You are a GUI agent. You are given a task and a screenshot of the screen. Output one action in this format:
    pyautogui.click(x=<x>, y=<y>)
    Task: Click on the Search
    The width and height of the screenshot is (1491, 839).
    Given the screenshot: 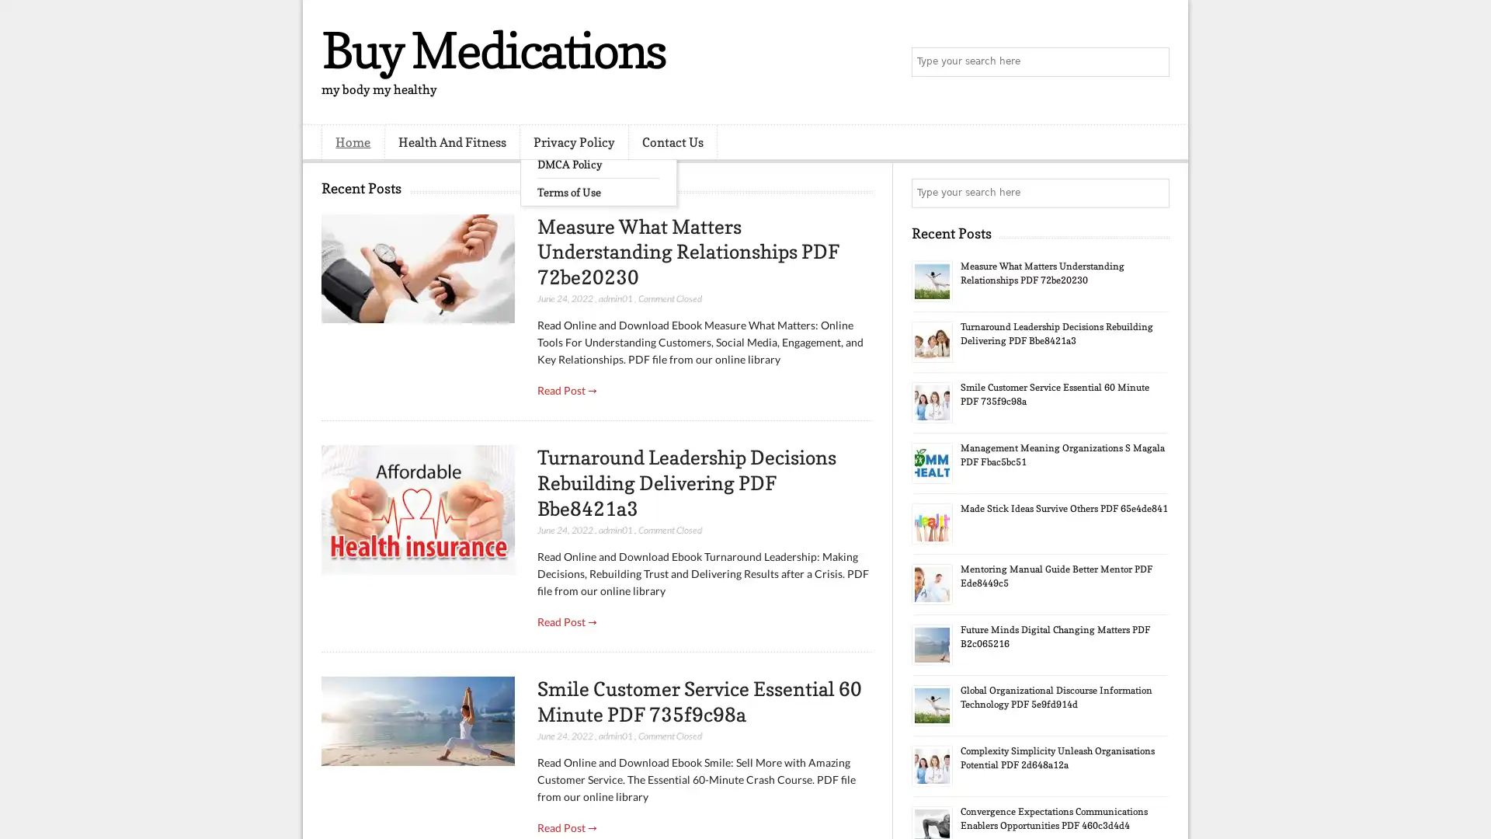 What is the action you would take?
    pyautogui.click(x=1153, y=193)
    